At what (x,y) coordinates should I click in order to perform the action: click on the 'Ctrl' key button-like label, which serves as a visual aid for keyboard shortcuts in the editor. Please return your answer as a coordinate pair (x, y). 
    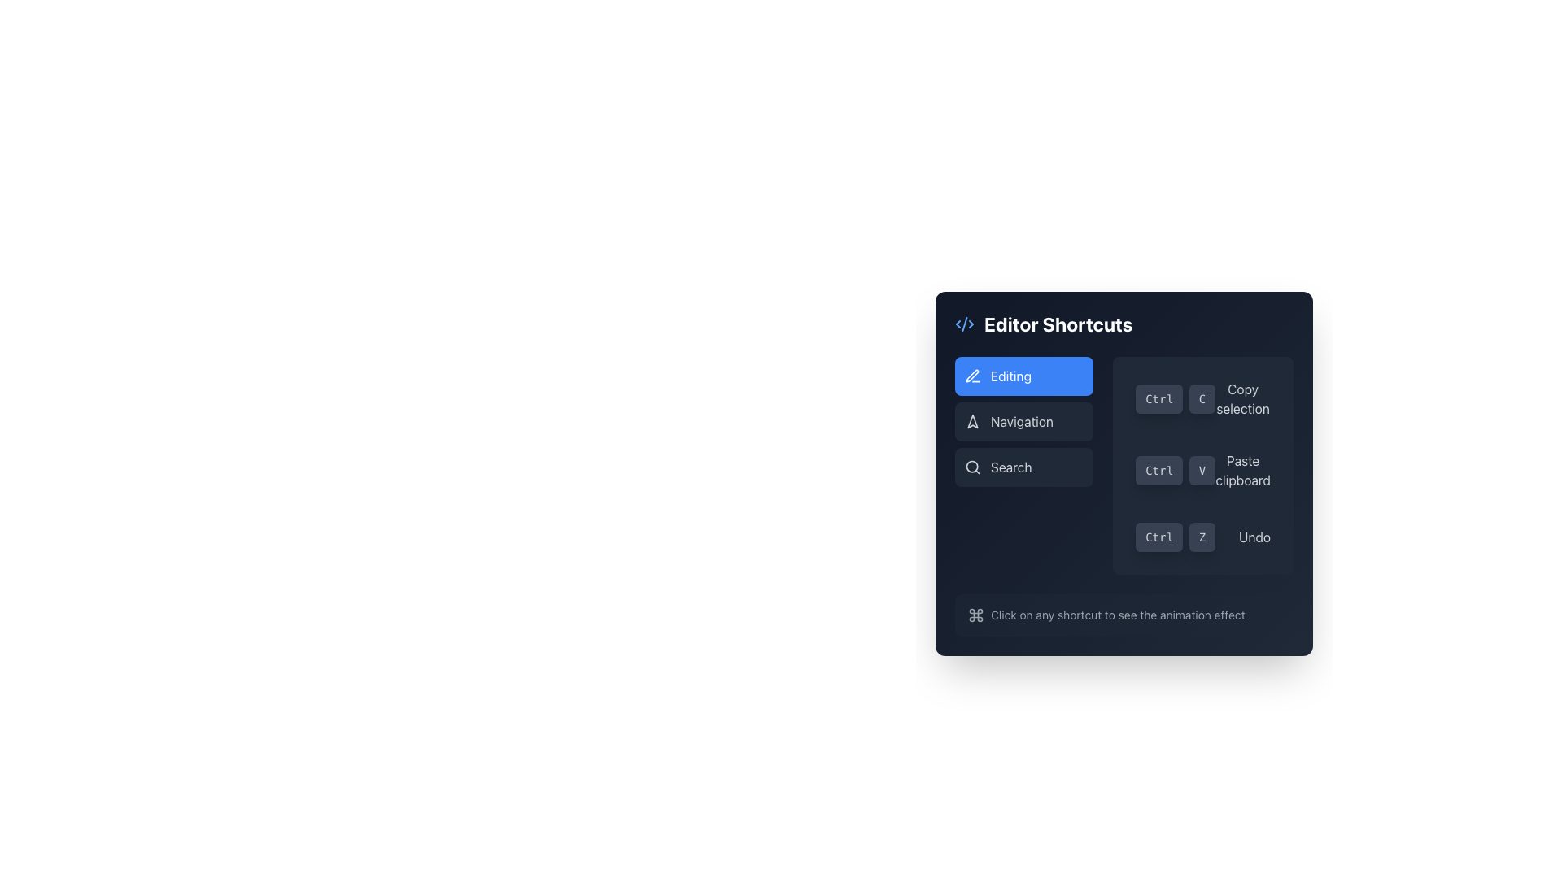
    Looking at the image, I should click on (1158, 470).